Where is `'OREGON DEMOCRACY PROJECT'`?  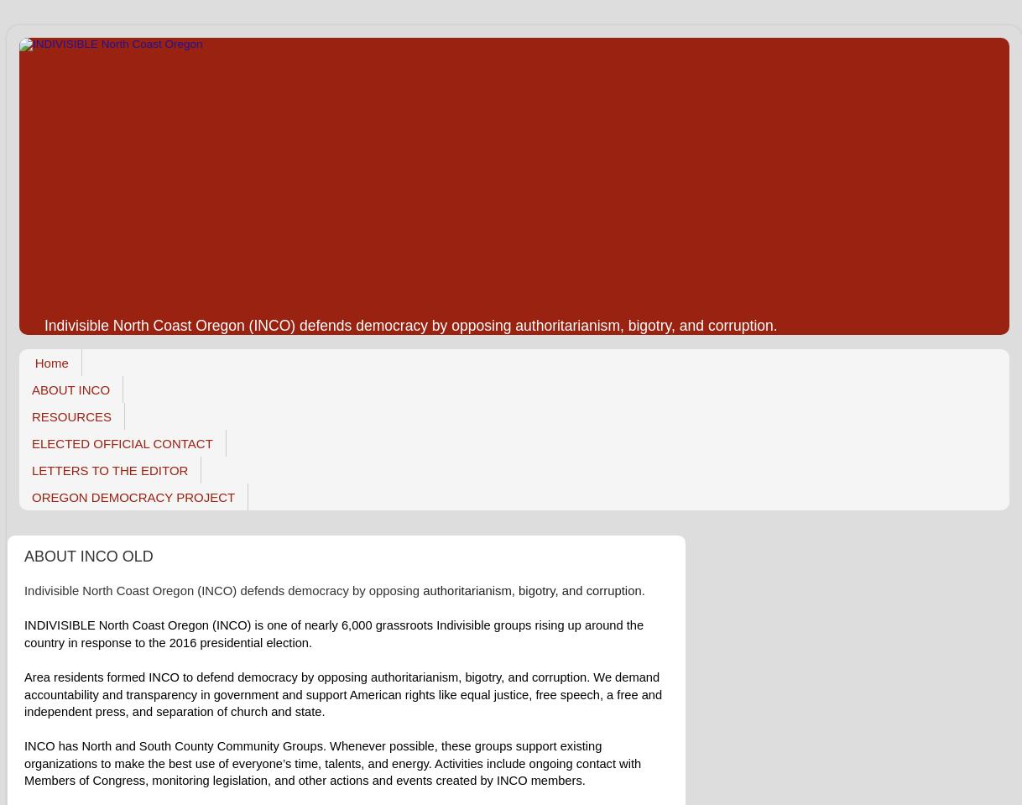 'OREGON DEMOCRACY PROJECT' is located at coordinates (132, 495).